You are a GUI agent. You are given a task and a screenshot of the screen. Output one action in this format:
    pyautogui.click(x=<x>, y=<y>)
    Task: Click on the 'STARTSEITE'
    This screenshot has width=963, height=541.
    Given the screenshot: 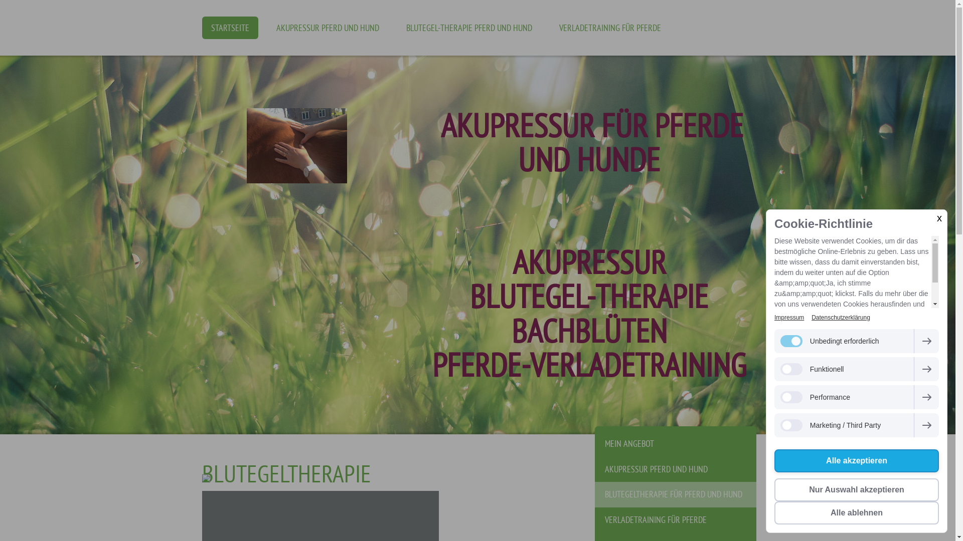 What is the action you would take?
    pyautogui.click(x=201, y=27)
    